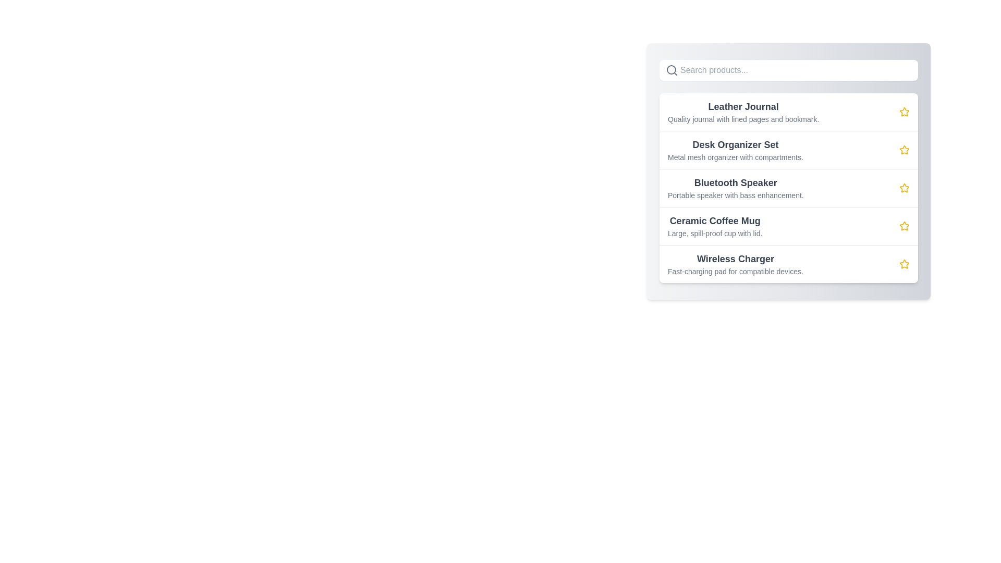  What do you see at coordinates (735, 150) in the screenshot?
I see `the Text Label element displaying 'Desk Organizer Set' with a secondary description 'Metal mesh organizer with compartments.'` at bounding box center [735, 150].